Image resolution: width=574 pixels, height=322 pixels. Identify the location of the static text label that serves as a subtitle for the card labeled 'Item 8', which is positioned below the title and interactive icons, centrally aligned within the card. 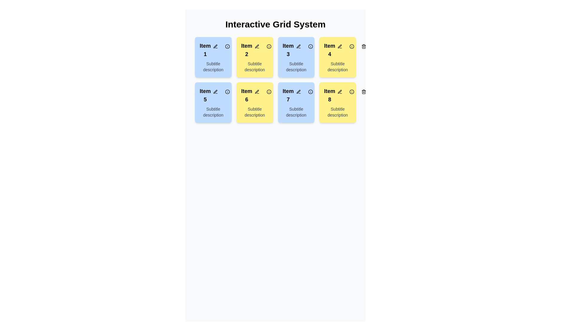
(338, 112).